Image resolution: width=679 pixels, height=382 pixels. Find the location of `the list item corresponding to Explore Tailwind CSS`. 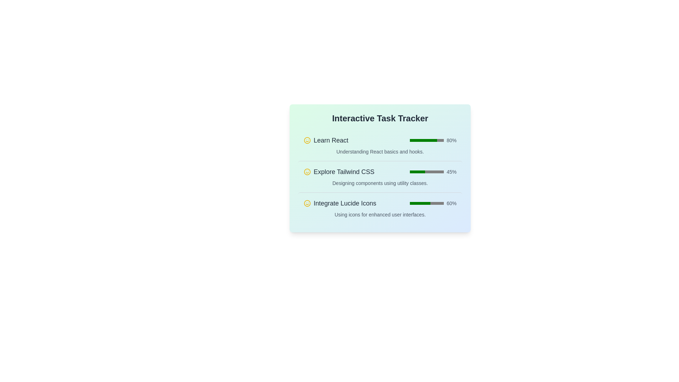

the list item corresponding to Explore Tailwind CSS is located at coordinates (380, 176).